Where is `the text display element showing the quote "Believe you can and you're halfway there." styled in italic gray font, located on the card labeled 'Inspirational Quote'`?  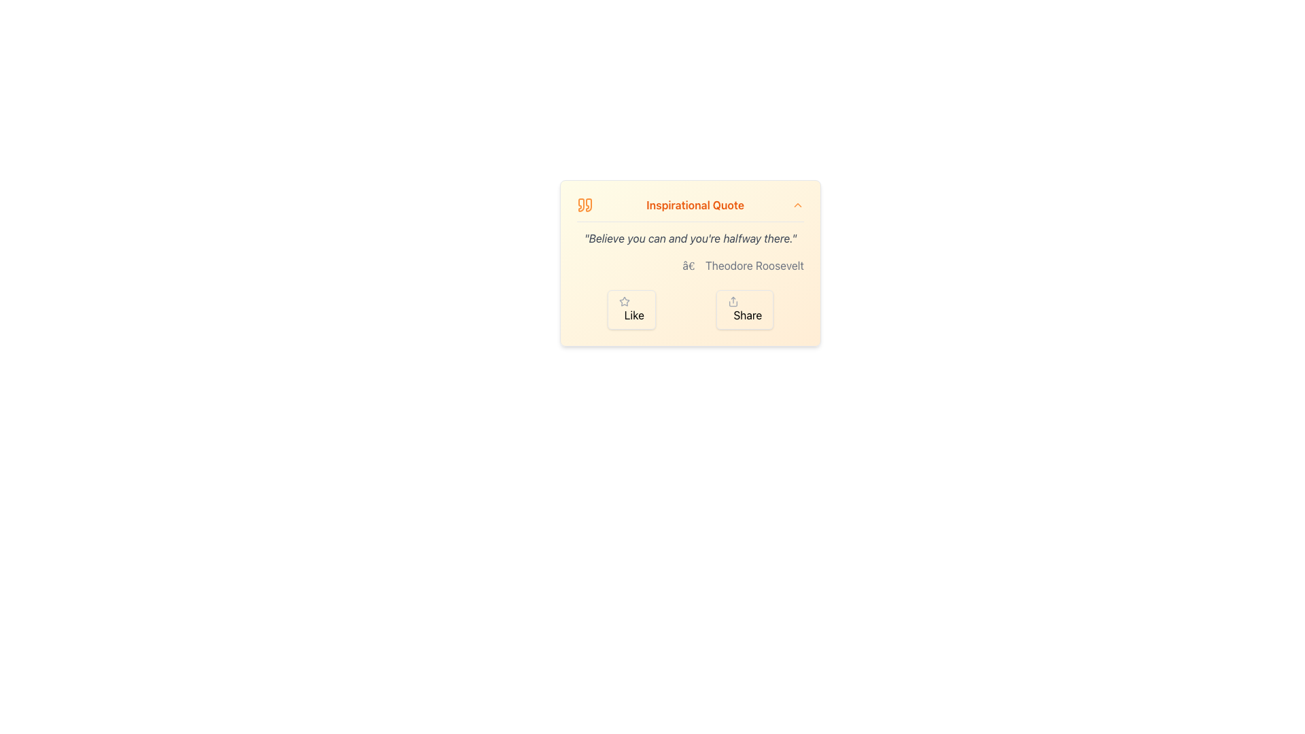
the text display element showing the quote "Believe you can and you're halfway there." styled in italic gray font, located on the card labeled 'Inspirational Quote' is located at coordinates (691, 238).